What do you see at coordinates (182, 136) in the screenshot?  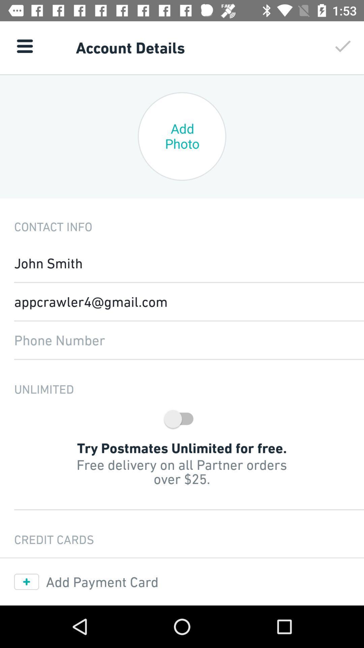 I see `the profile image` at bounding box center [182, 136].